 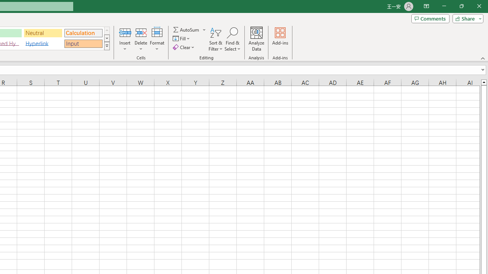 I want to click on 'Analyze Data', so click(x=257, y=39).